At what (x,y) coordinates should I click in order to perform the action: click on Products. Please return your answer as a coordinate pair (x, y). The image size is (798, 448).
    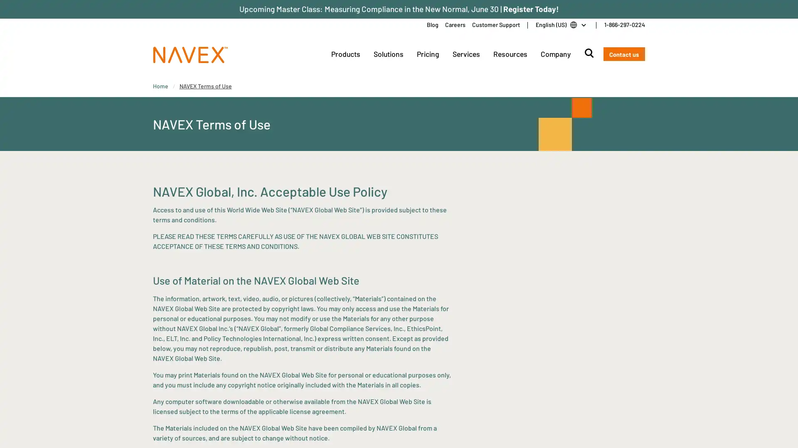
    Looking at the image, I should click on (345, 54).